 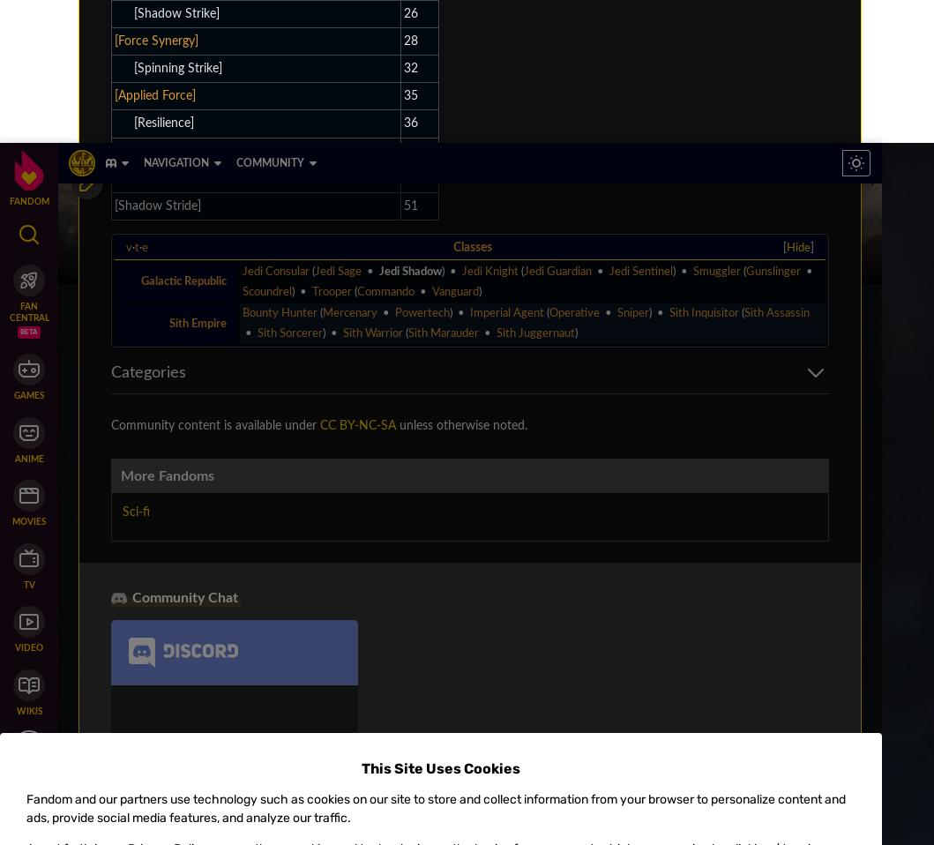 I want to click on 'Community Central', so click(x=126, y=214).